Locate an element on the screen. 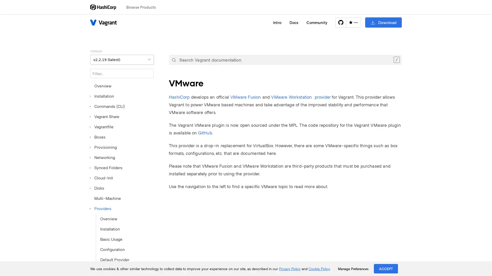 The image size is (492, 276). VERSION is located at coordinates (121, 59).